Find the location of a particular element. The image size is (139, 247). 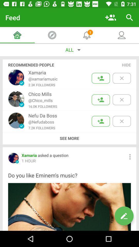

icon at the bottom right corner is located at coordinates (124, 216).